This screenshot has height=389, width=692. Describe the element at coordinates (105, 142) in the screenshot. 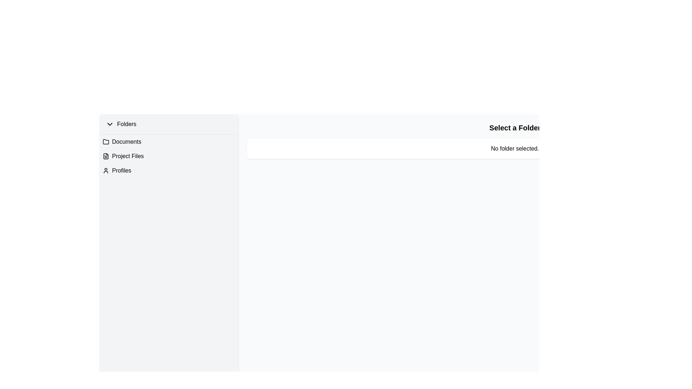

I see `the top section of the folder icon next to the 'Documents' label` at that location.